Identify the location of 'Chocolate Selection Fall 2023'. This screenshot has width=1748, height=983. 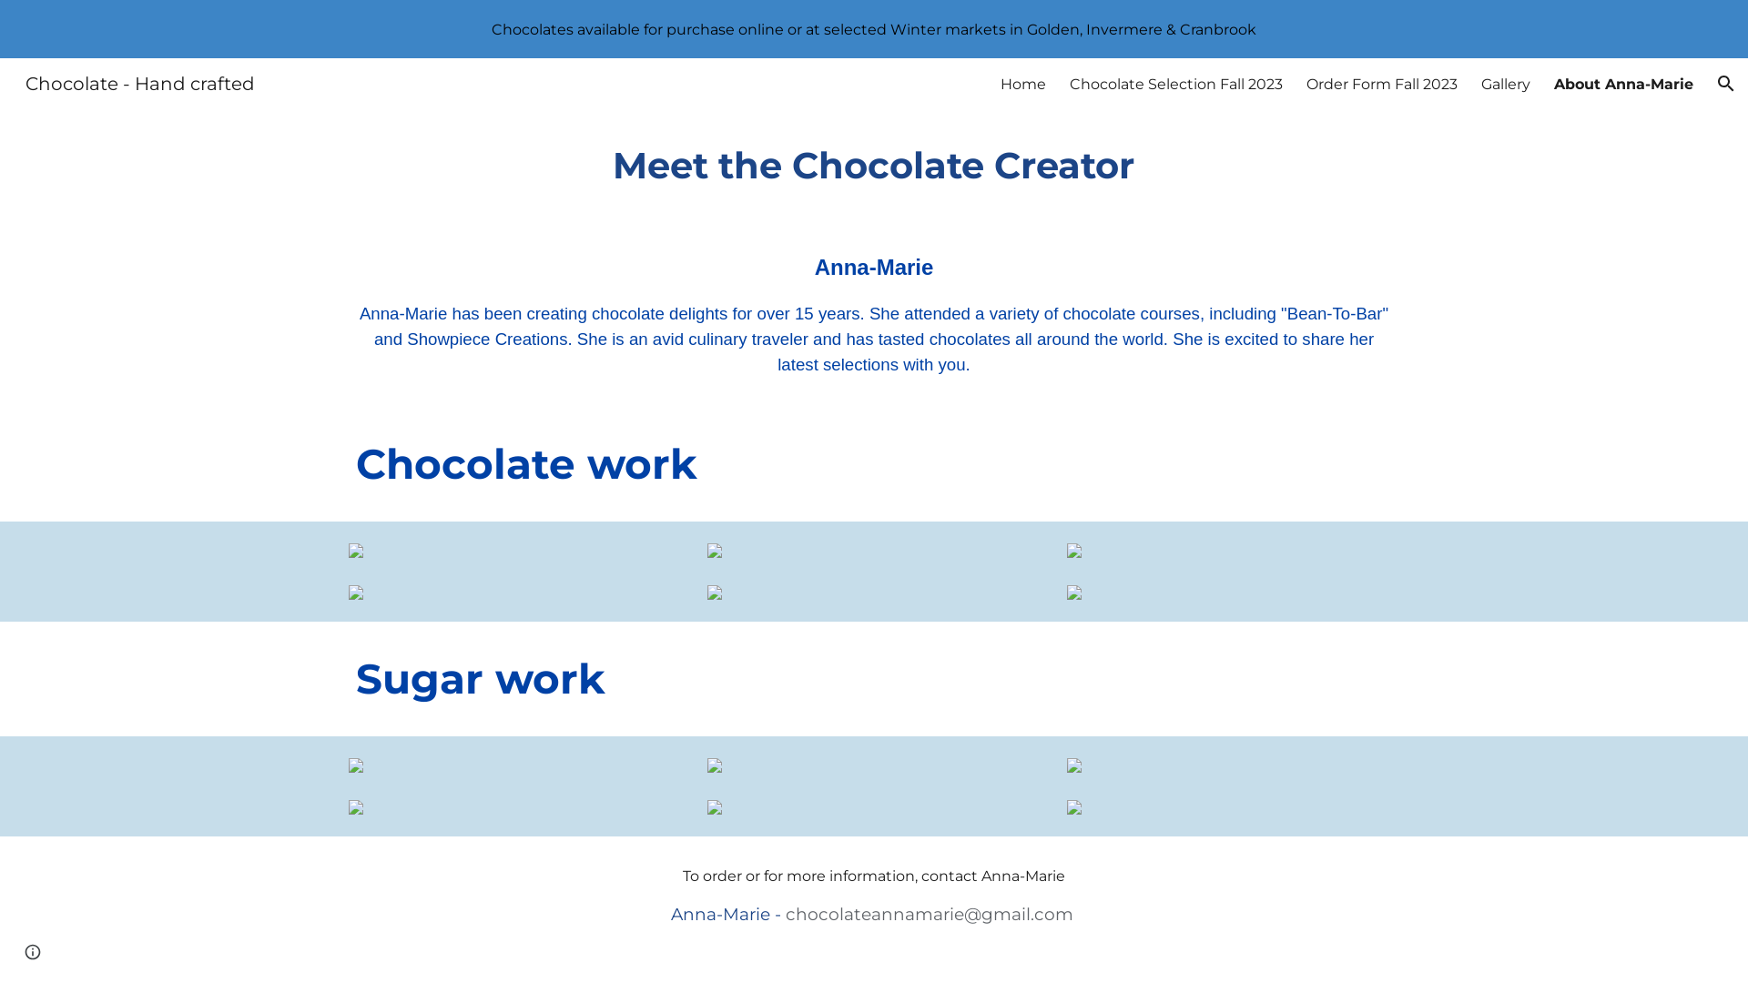
(1175, 83).